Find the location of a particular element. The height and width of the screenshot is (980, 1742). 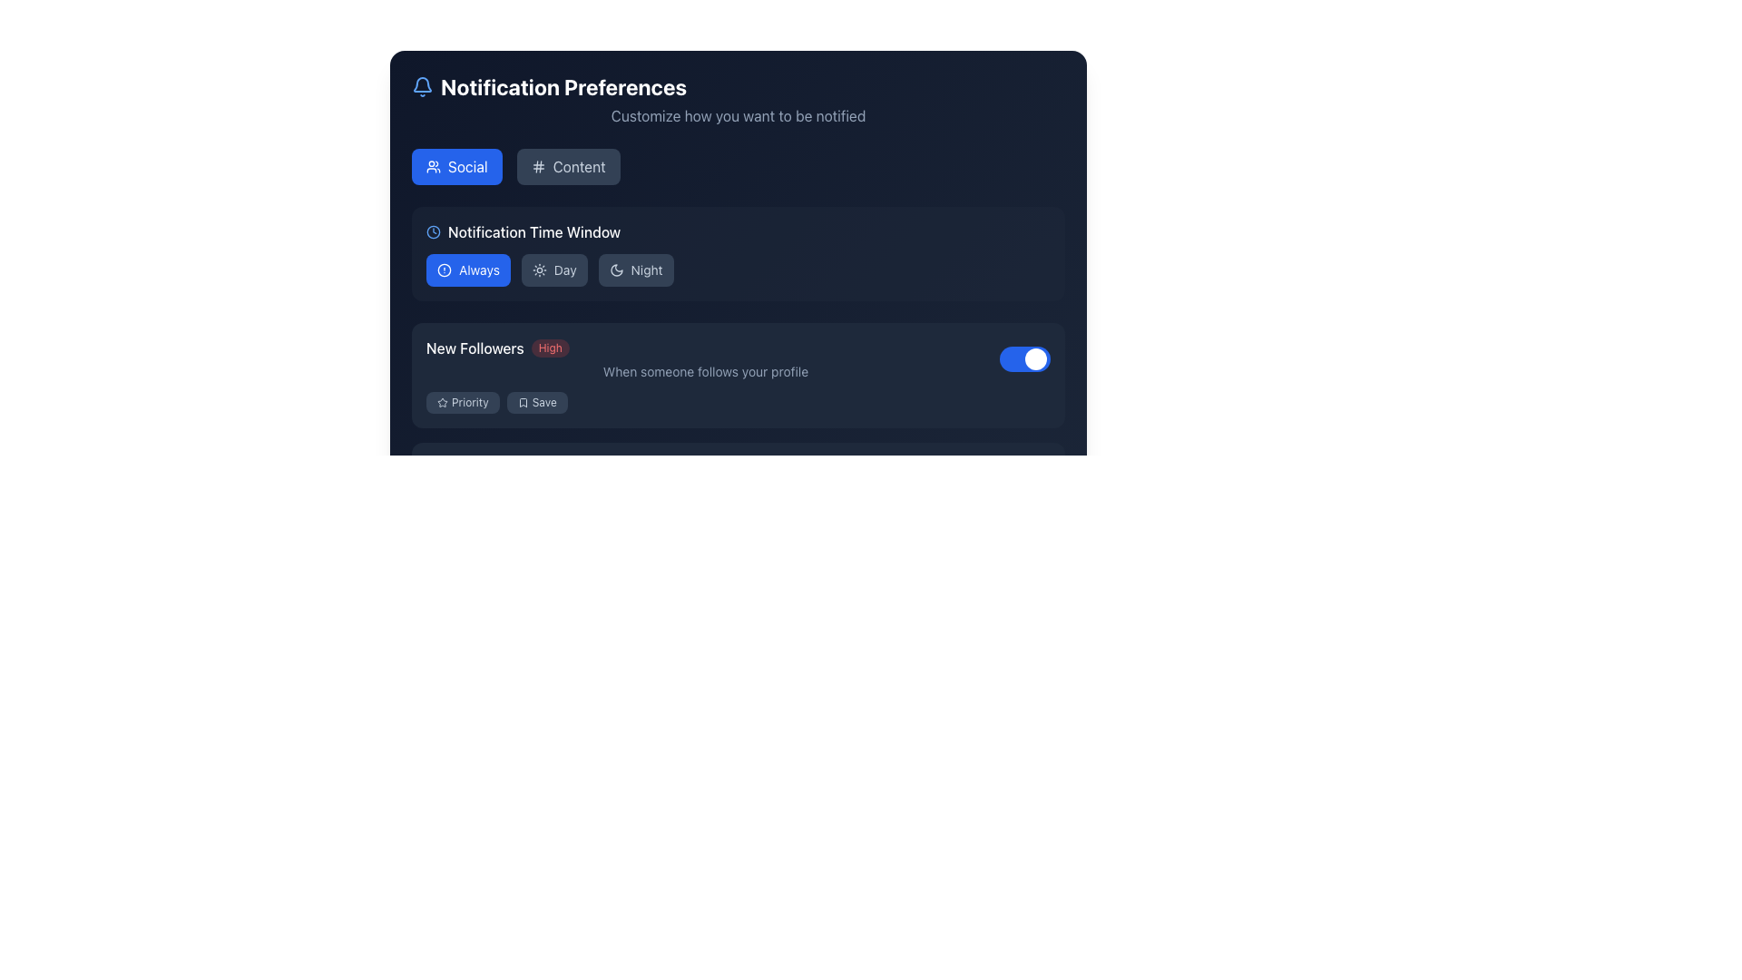

the button with a dark slate background and a moon icon labeled 'Night' is located at coordinates (636, 269).